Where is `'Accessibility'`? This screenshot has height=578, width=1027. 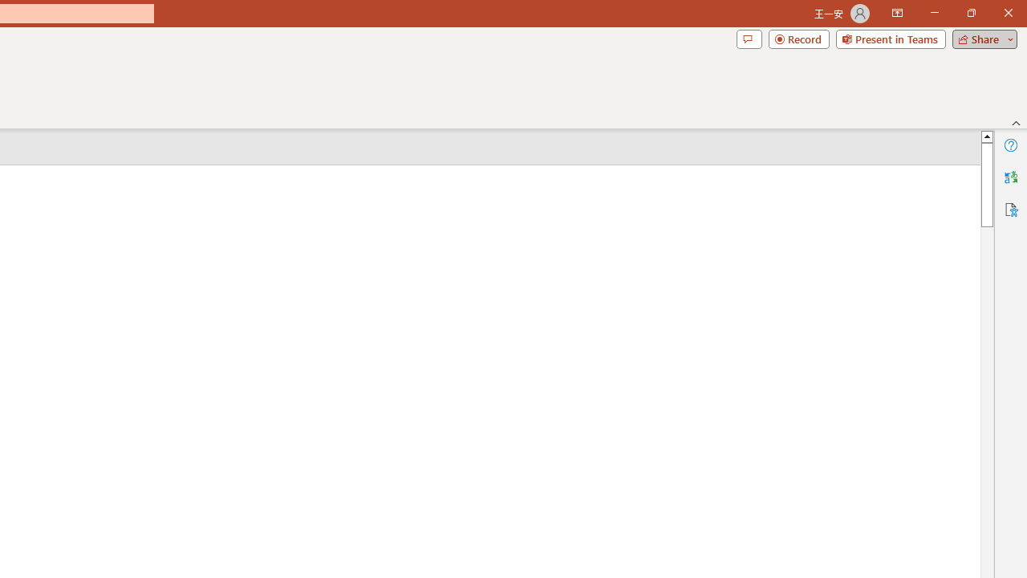
'Accessibility' is located at coordinates (1010, 209).